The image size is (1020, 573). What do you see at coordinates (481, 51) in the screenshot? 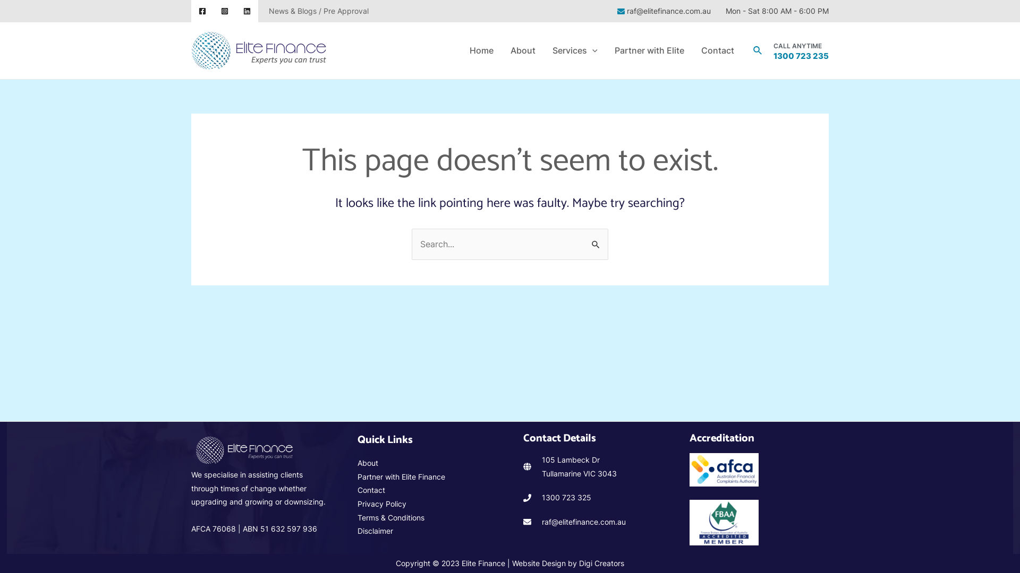
I see `'Home'` at bounding box center [481, 51].